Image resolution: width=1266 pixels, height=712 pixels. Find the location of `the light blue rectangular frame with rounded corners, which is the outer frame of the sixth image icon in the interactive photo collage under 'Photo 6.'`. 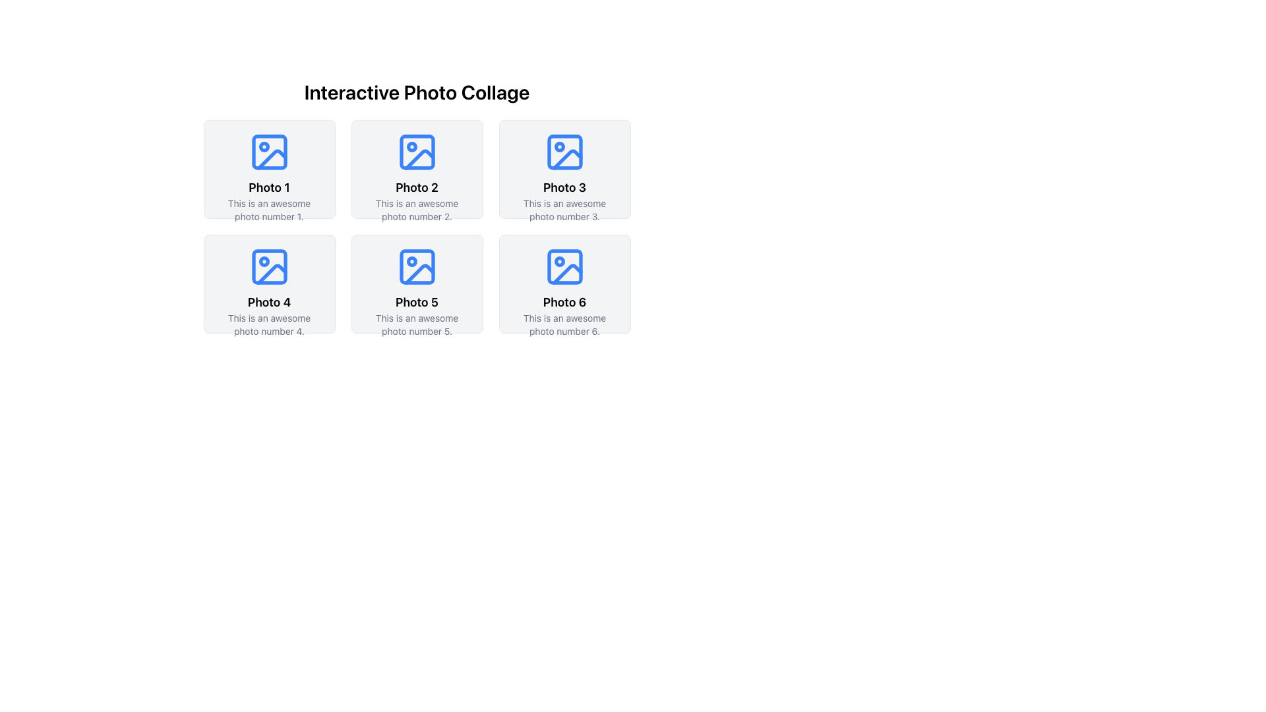

the light blue rectangular frame with rounded corners, which is the outer frame of the sixth image icon in the interactive photo collage under 'Photo 6.' is located at coordinates (564, 267).